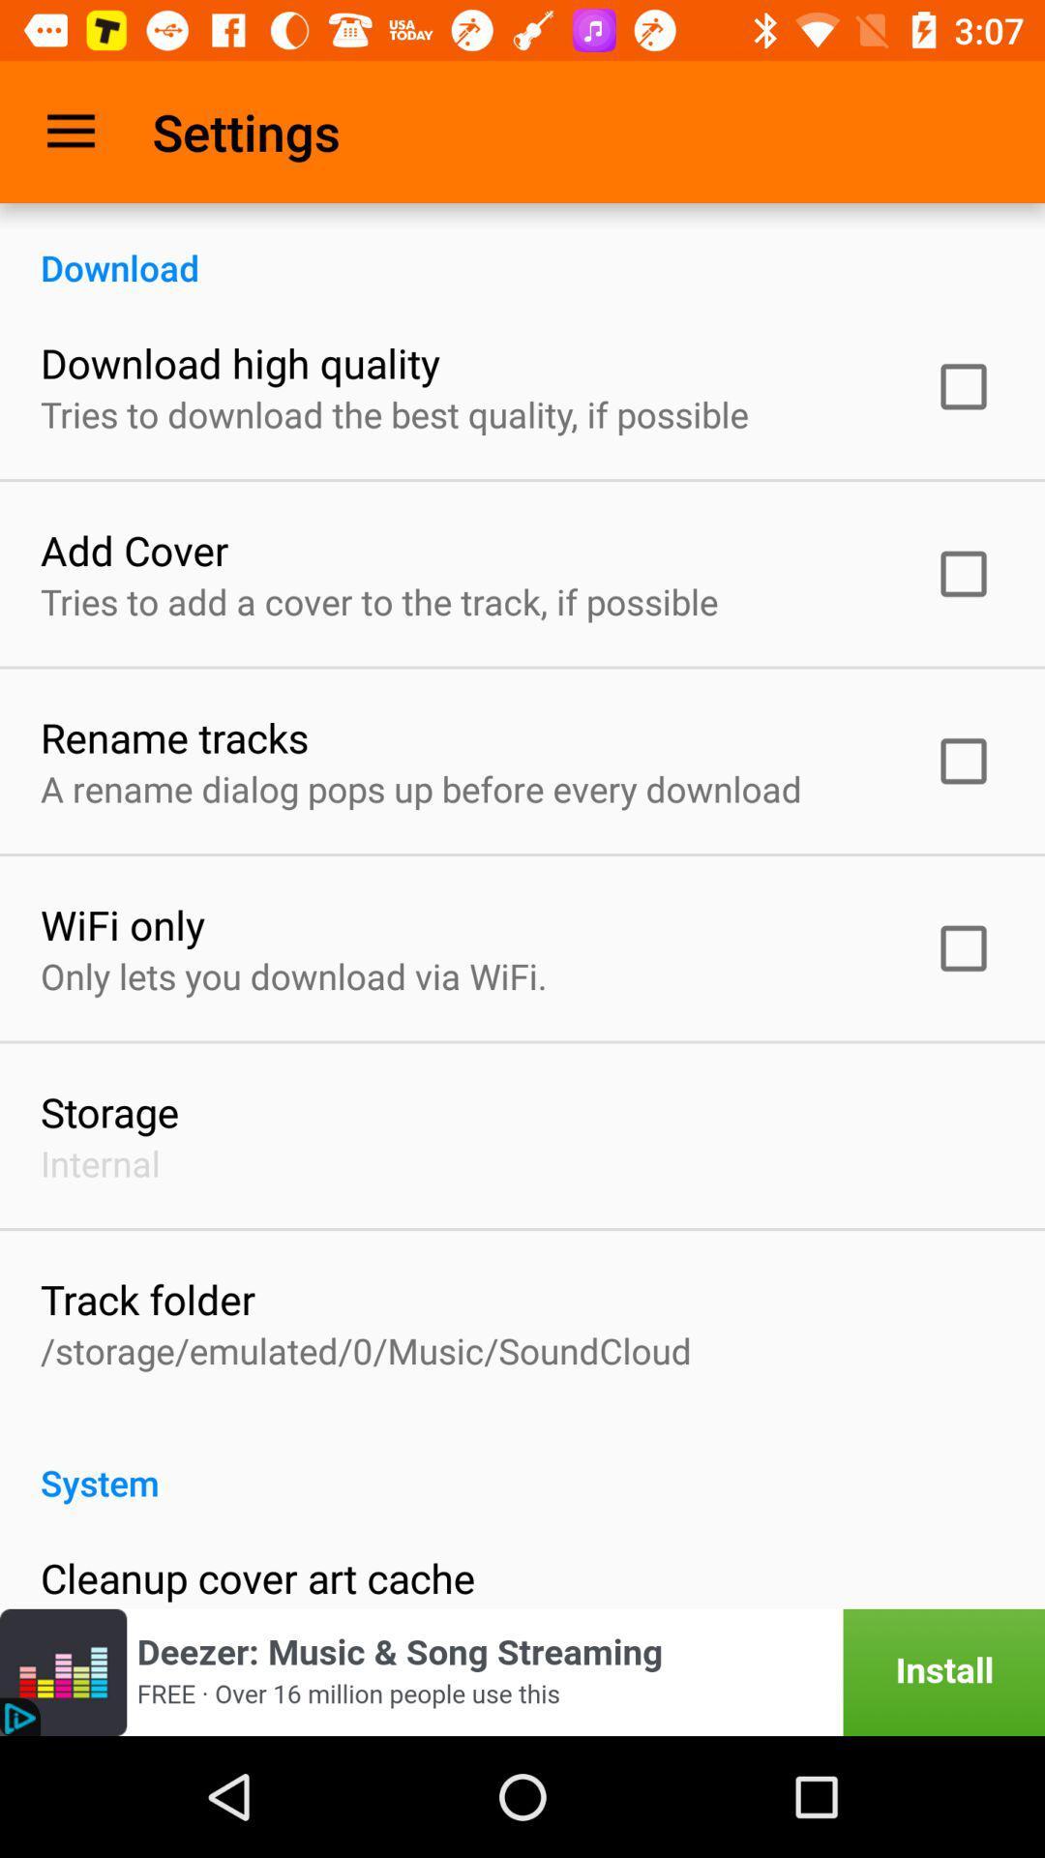  I want to click on item above system, so click(366, 1349).